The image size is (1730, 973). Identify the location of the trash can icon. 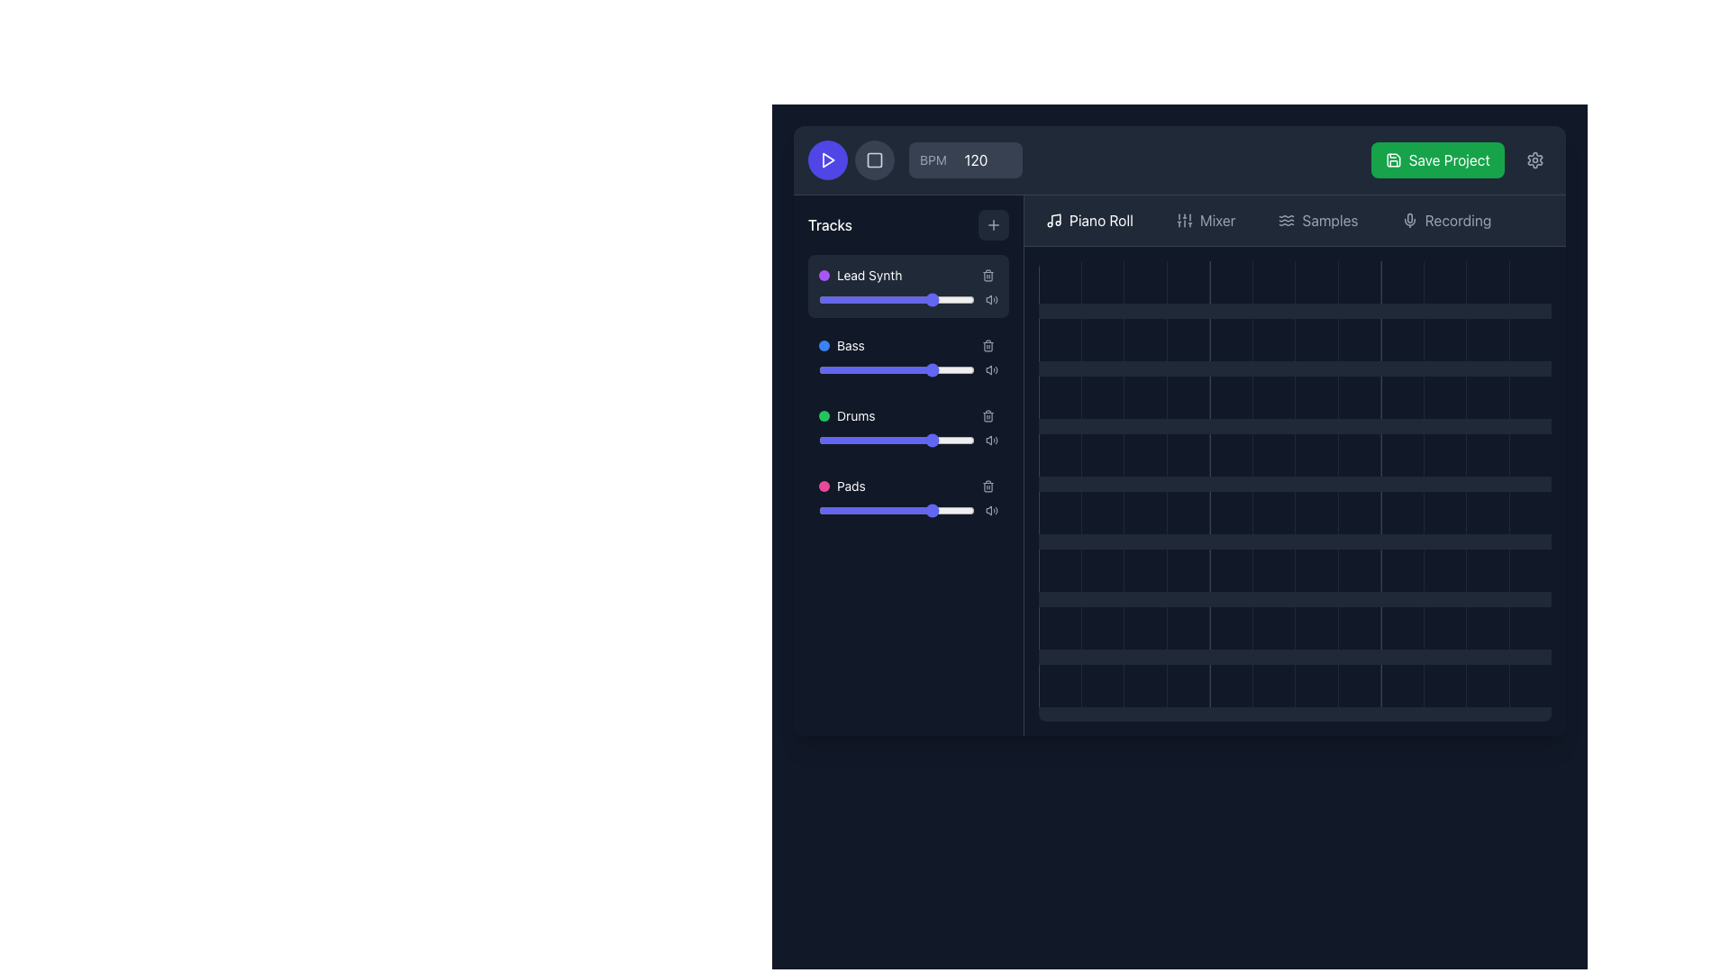
(988, 416).